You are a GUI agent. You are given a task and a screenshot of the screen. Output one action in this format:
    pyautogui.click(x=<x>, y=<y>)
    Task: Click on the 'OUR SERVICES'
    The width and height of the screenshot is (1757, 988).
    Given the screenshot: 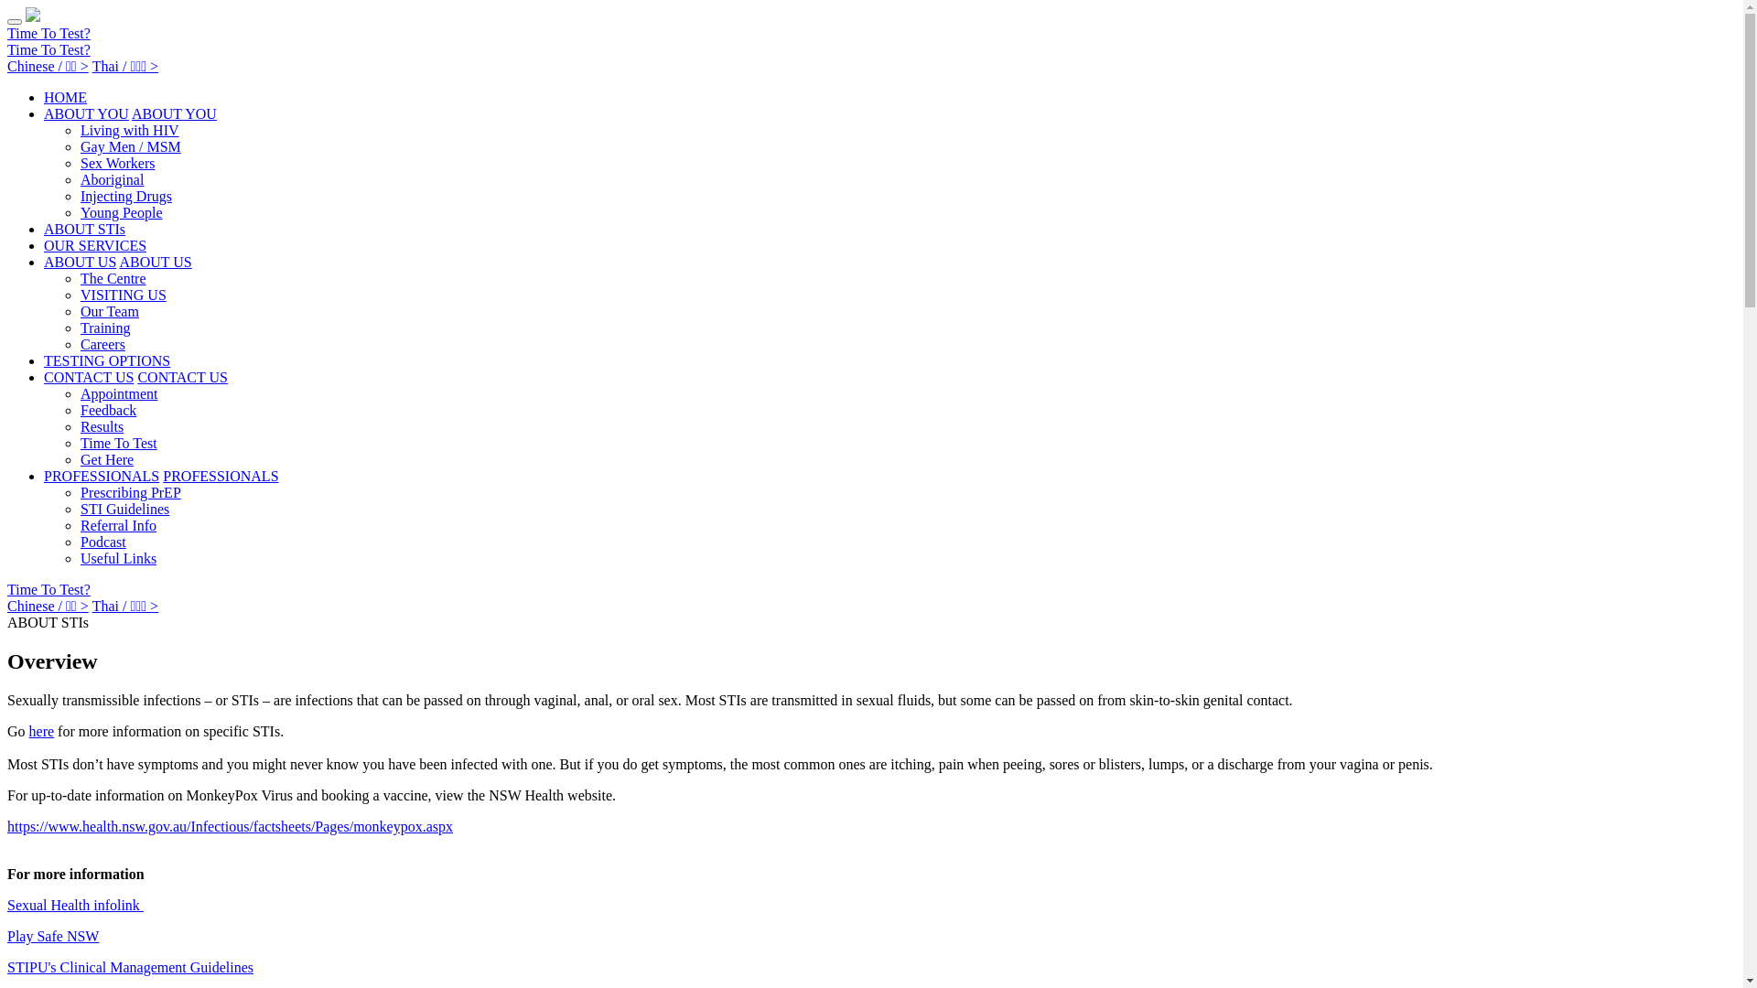 What is the action you would take?
    pyautogui.click(x=94, y=244)
    